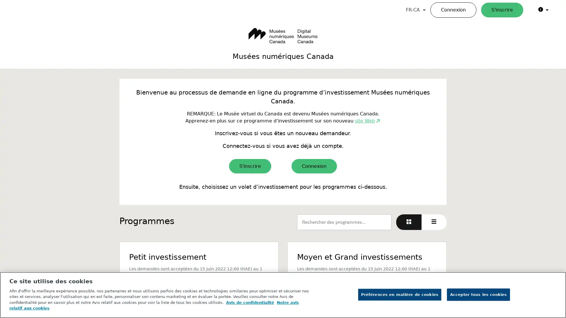 The width and height of the screenshot is (566, 318). What do you see at coordinates (434, 222) in the screenshot?
I see `Activer/desactiver la vue de liste` at bounding box center [434, 222].